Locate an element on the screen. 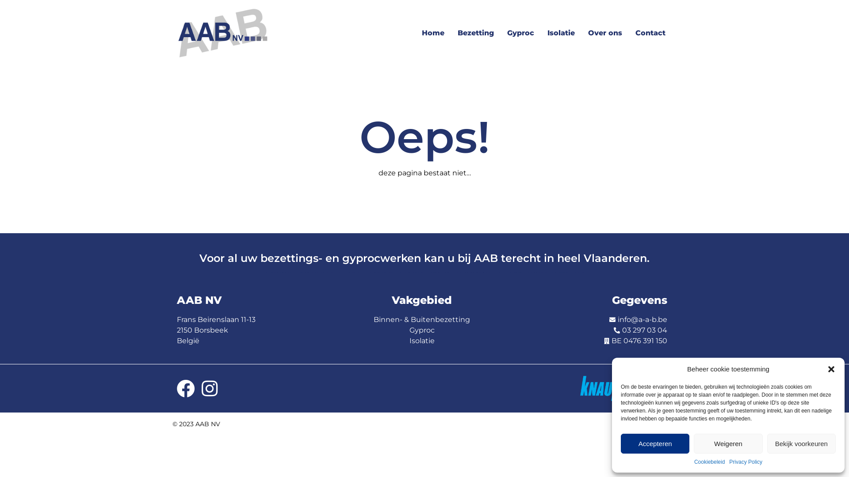 This screenshot has height=477, width=849. 'Bekijk voorkeuren' is located at coordinates (801, 443).